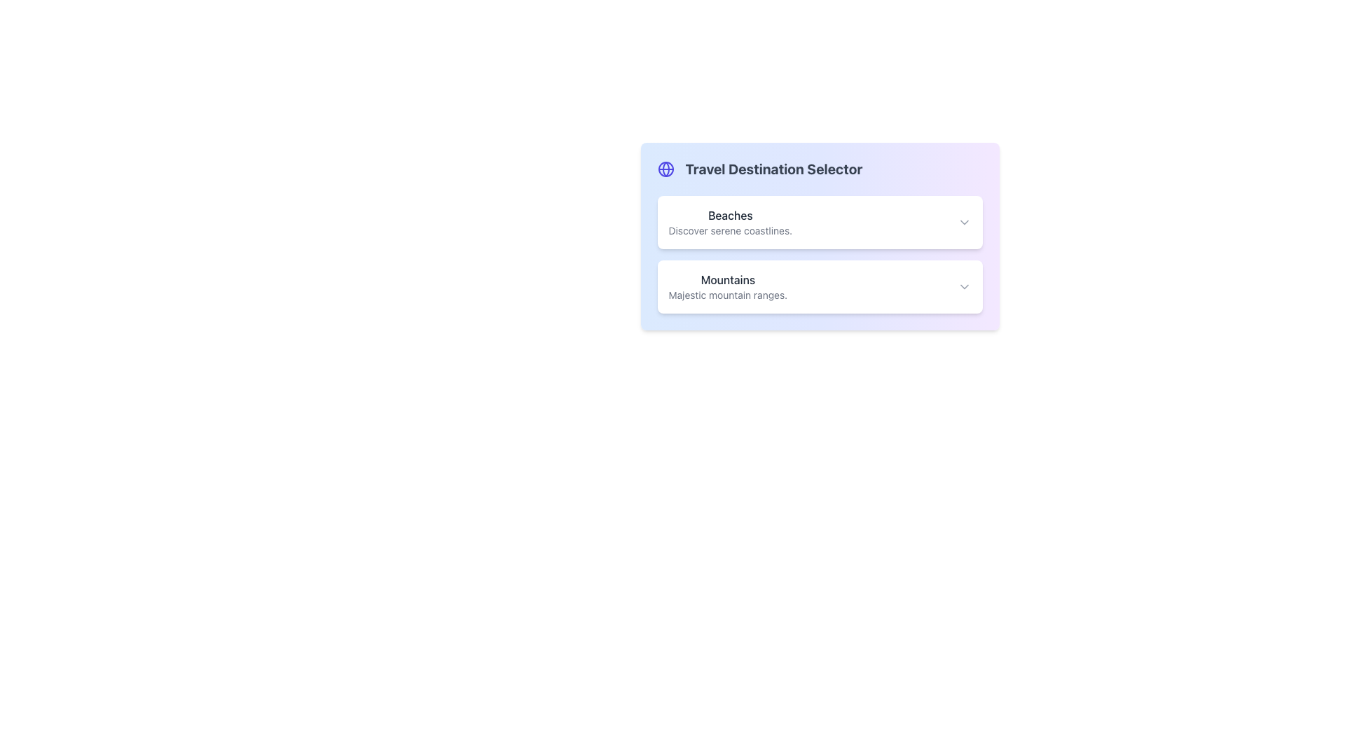  I want to click on the SVG Circle element that is part of the globe icon, located to the left of the 'Travel Destination Selector' text, so click(665, 169).